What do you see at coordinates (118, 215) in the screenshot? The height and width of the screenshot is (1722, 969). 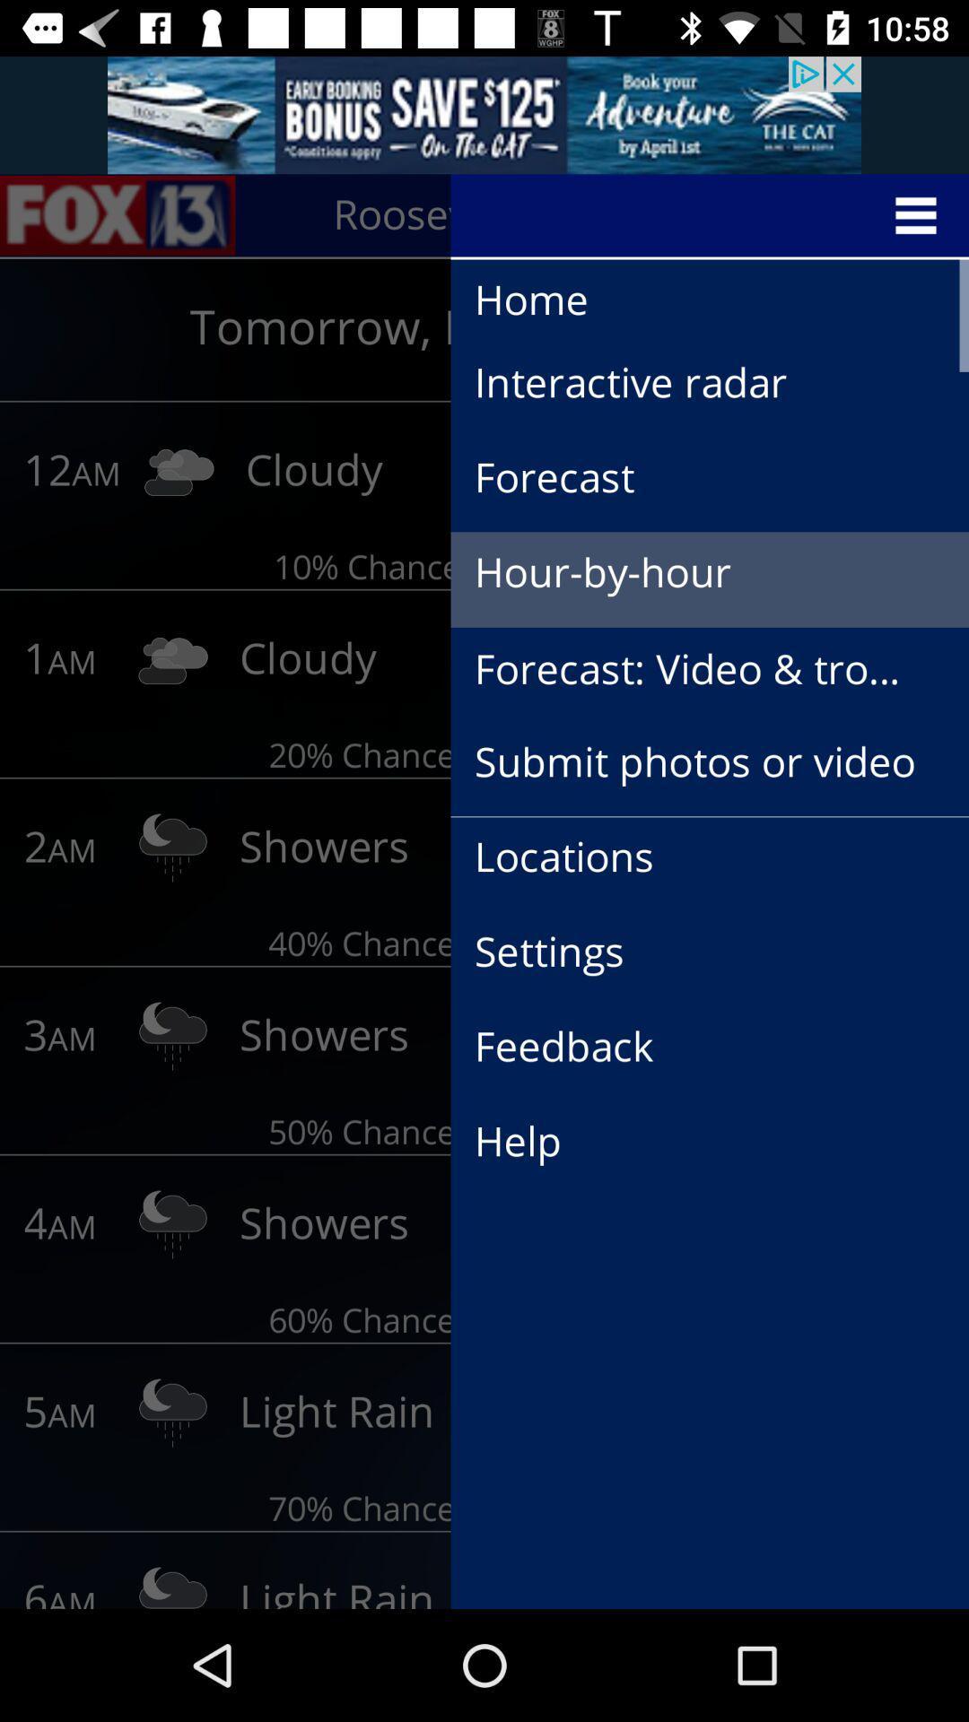 I see `the sliders icon` at bounding box center [118, 215].